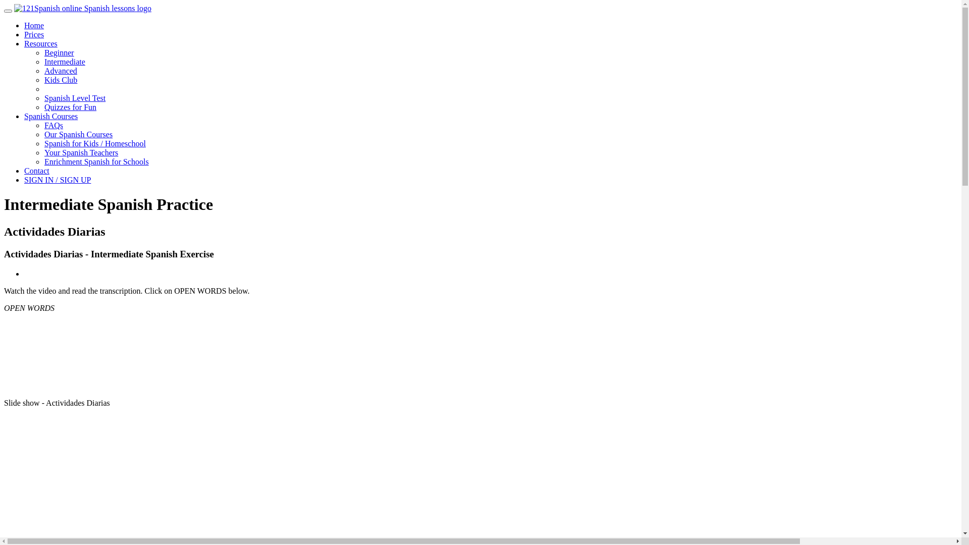 The image size is (969, 545). What do you see at coordinates (60, 79) in the screenshot?
I see `'Kids Club'` at bounding box center [60, 79].